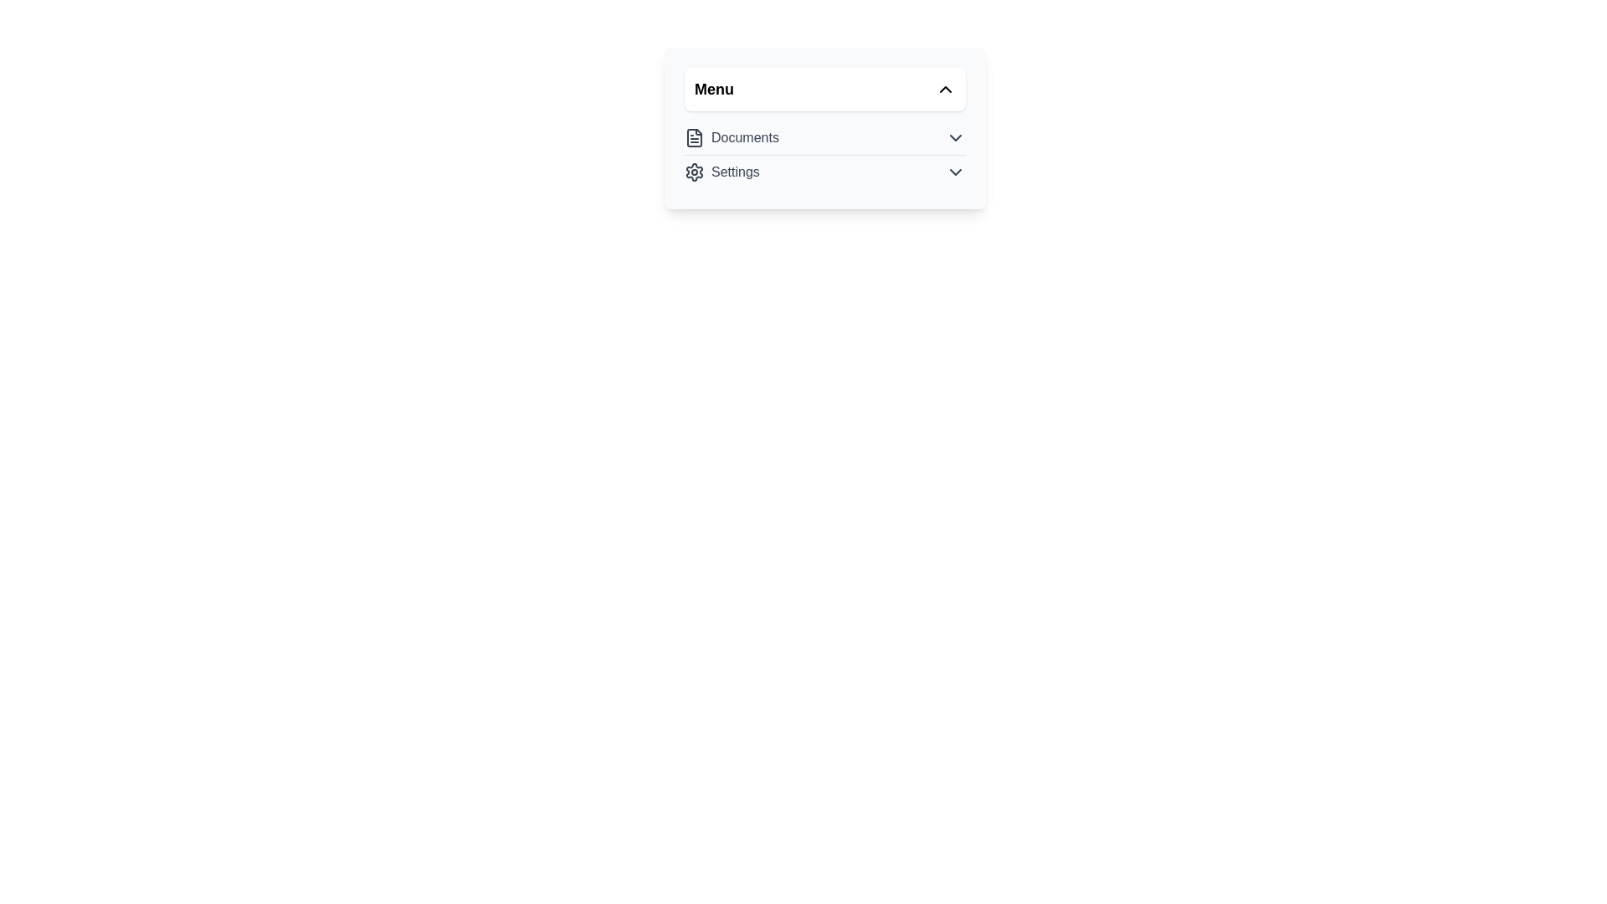 Image resolution: width=1607 pixels, height=904 pixels. What do you see at coordinates (695, 172) in the screenshot?
I see `the settings icon located to the left of the 'Settings' label in the dropdown menu` at bounding box center [695, 172].